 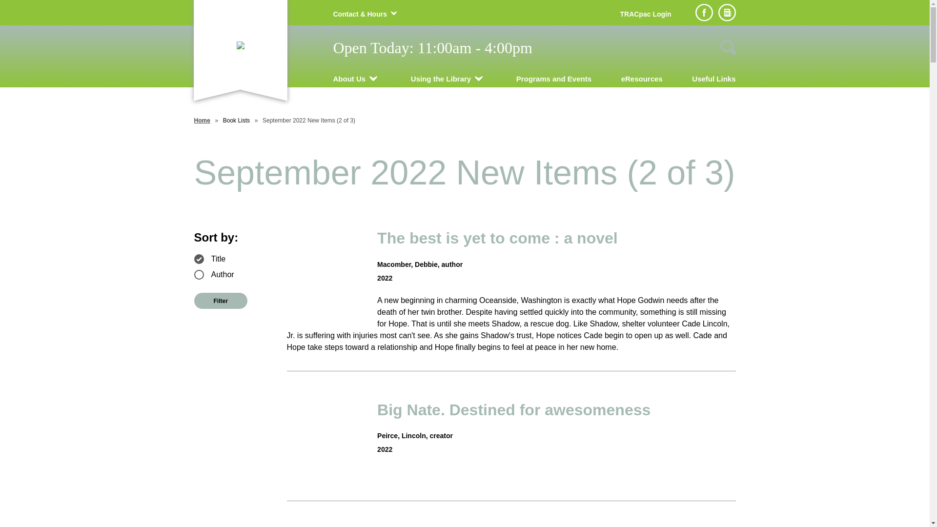 I want to click on 'Programs and Events', so click(x=515, y=78).